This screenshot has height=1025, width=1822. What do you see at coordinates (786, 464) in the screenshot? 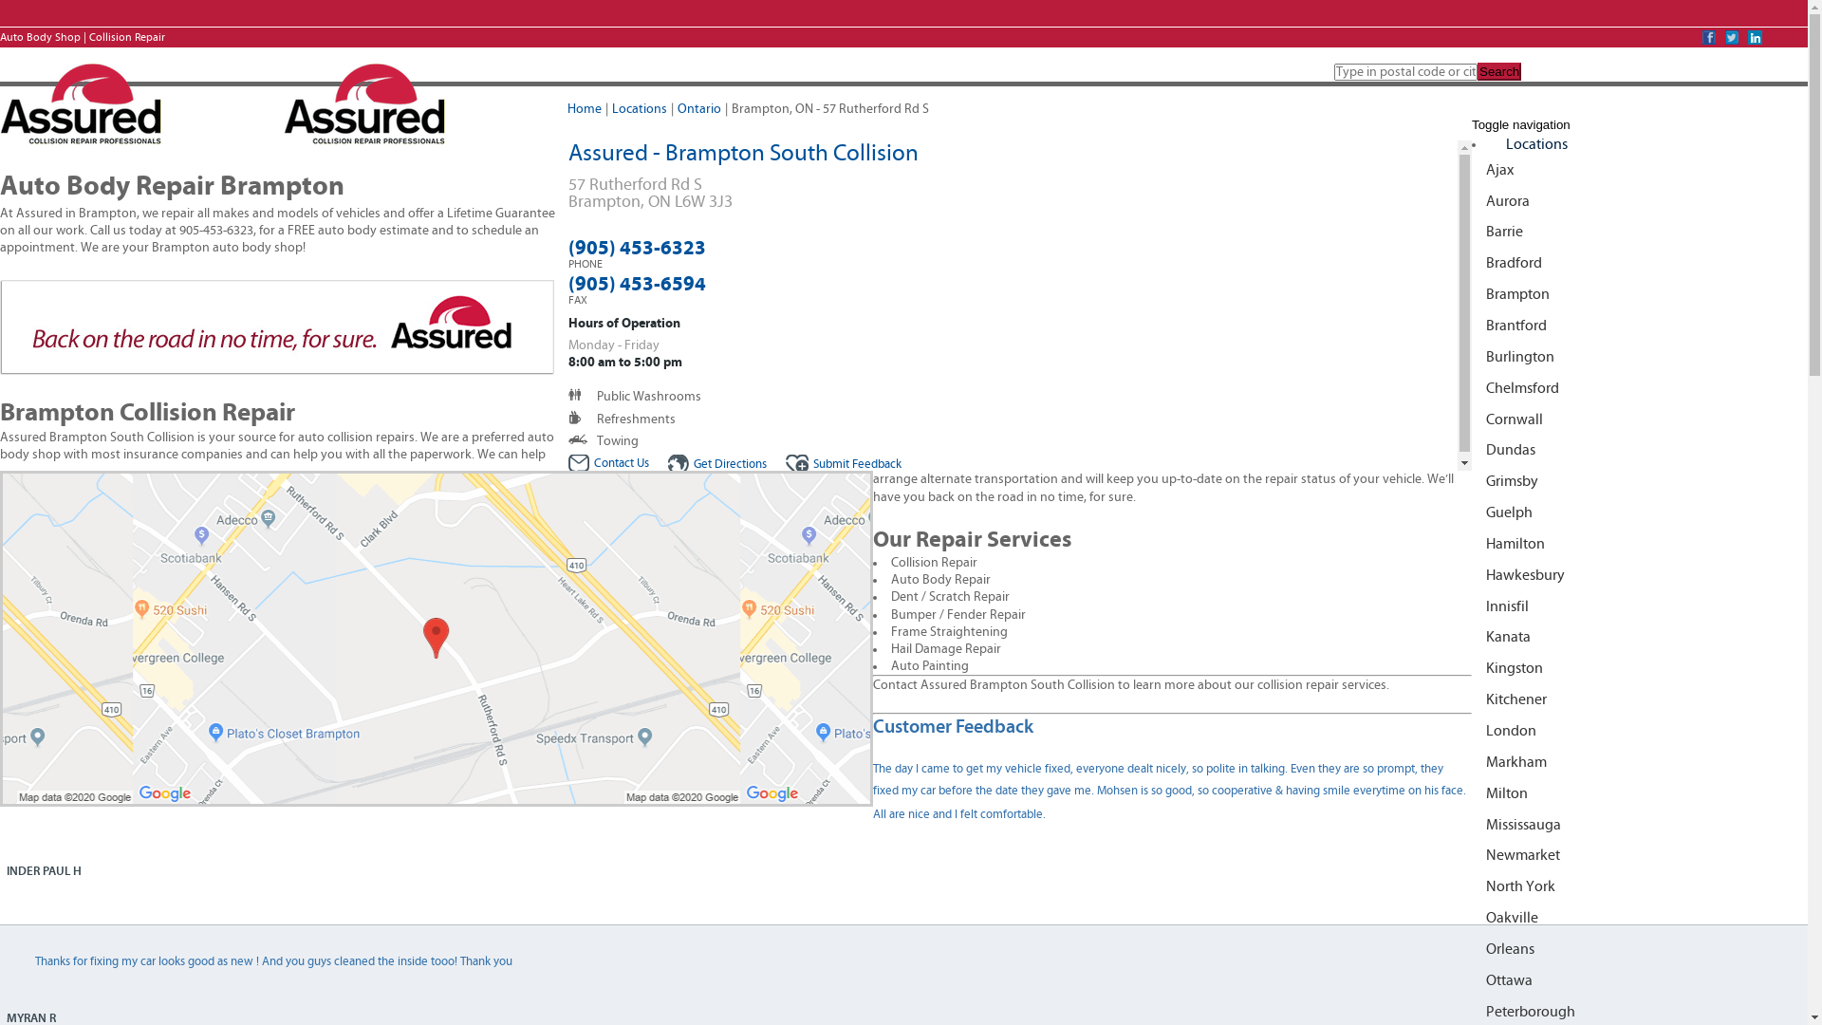
I see `'Submit Feedback'` at bounding box center [786, 464].